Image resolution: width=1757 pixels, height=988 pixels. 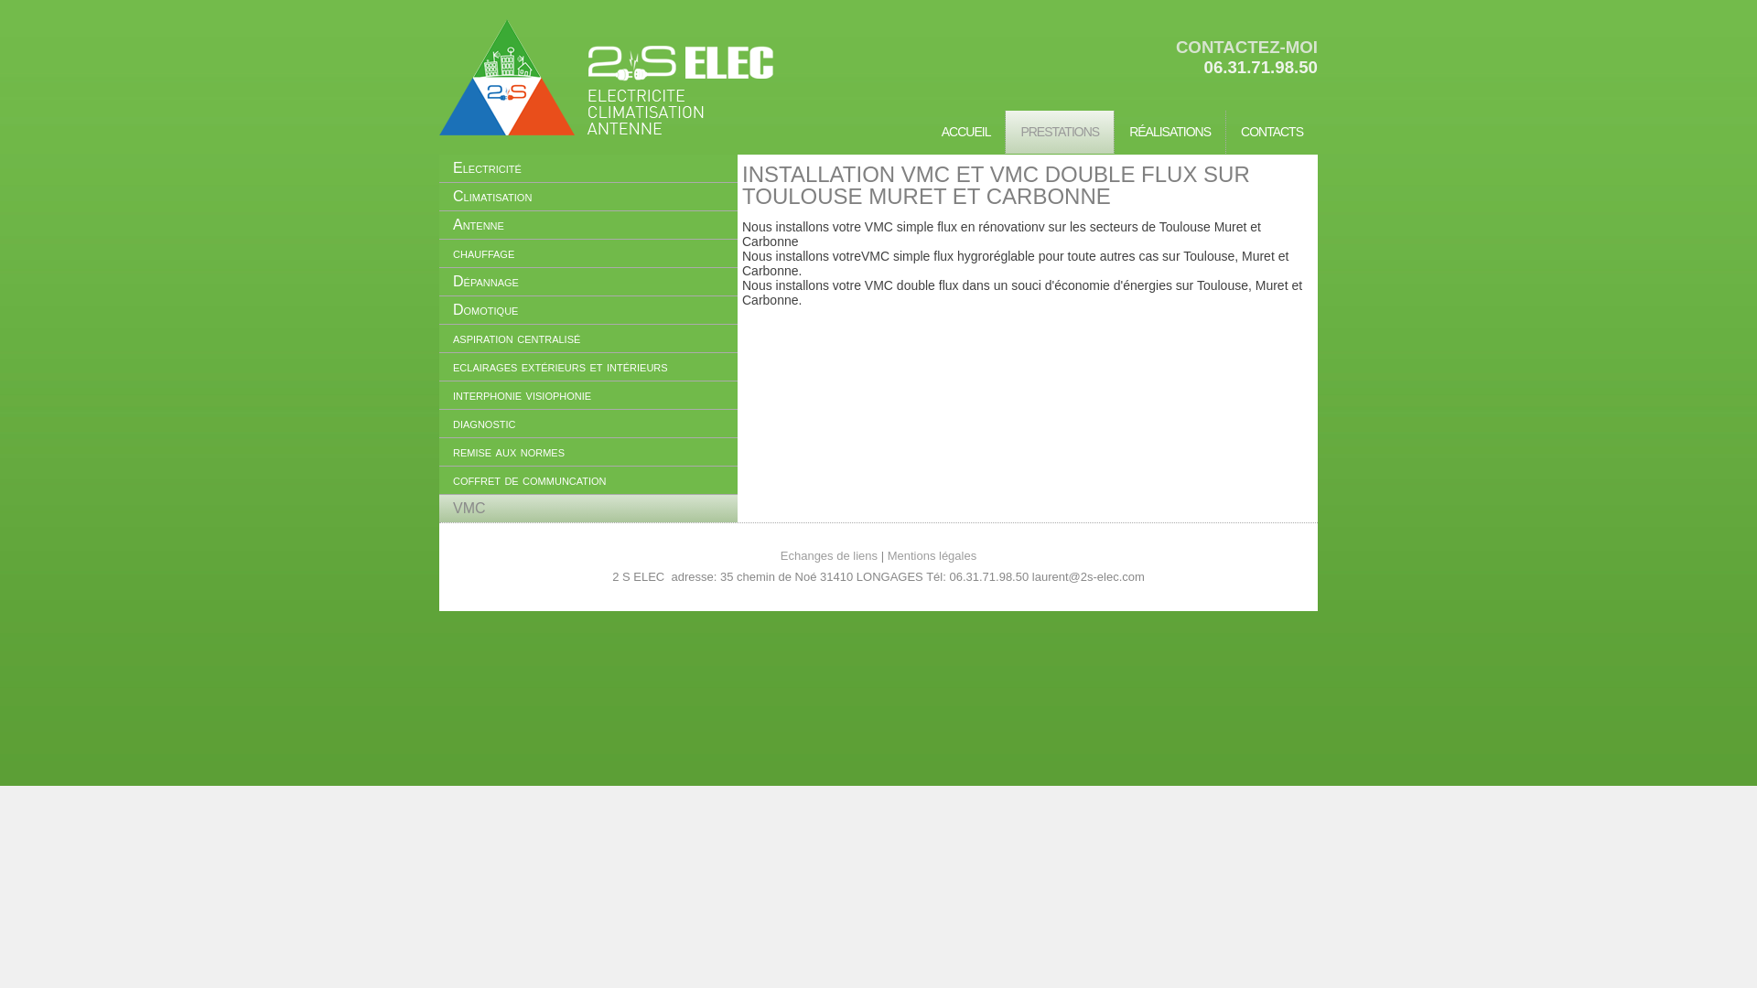 I want to click on 'ACCUEIL', so click(x=965, y=131).